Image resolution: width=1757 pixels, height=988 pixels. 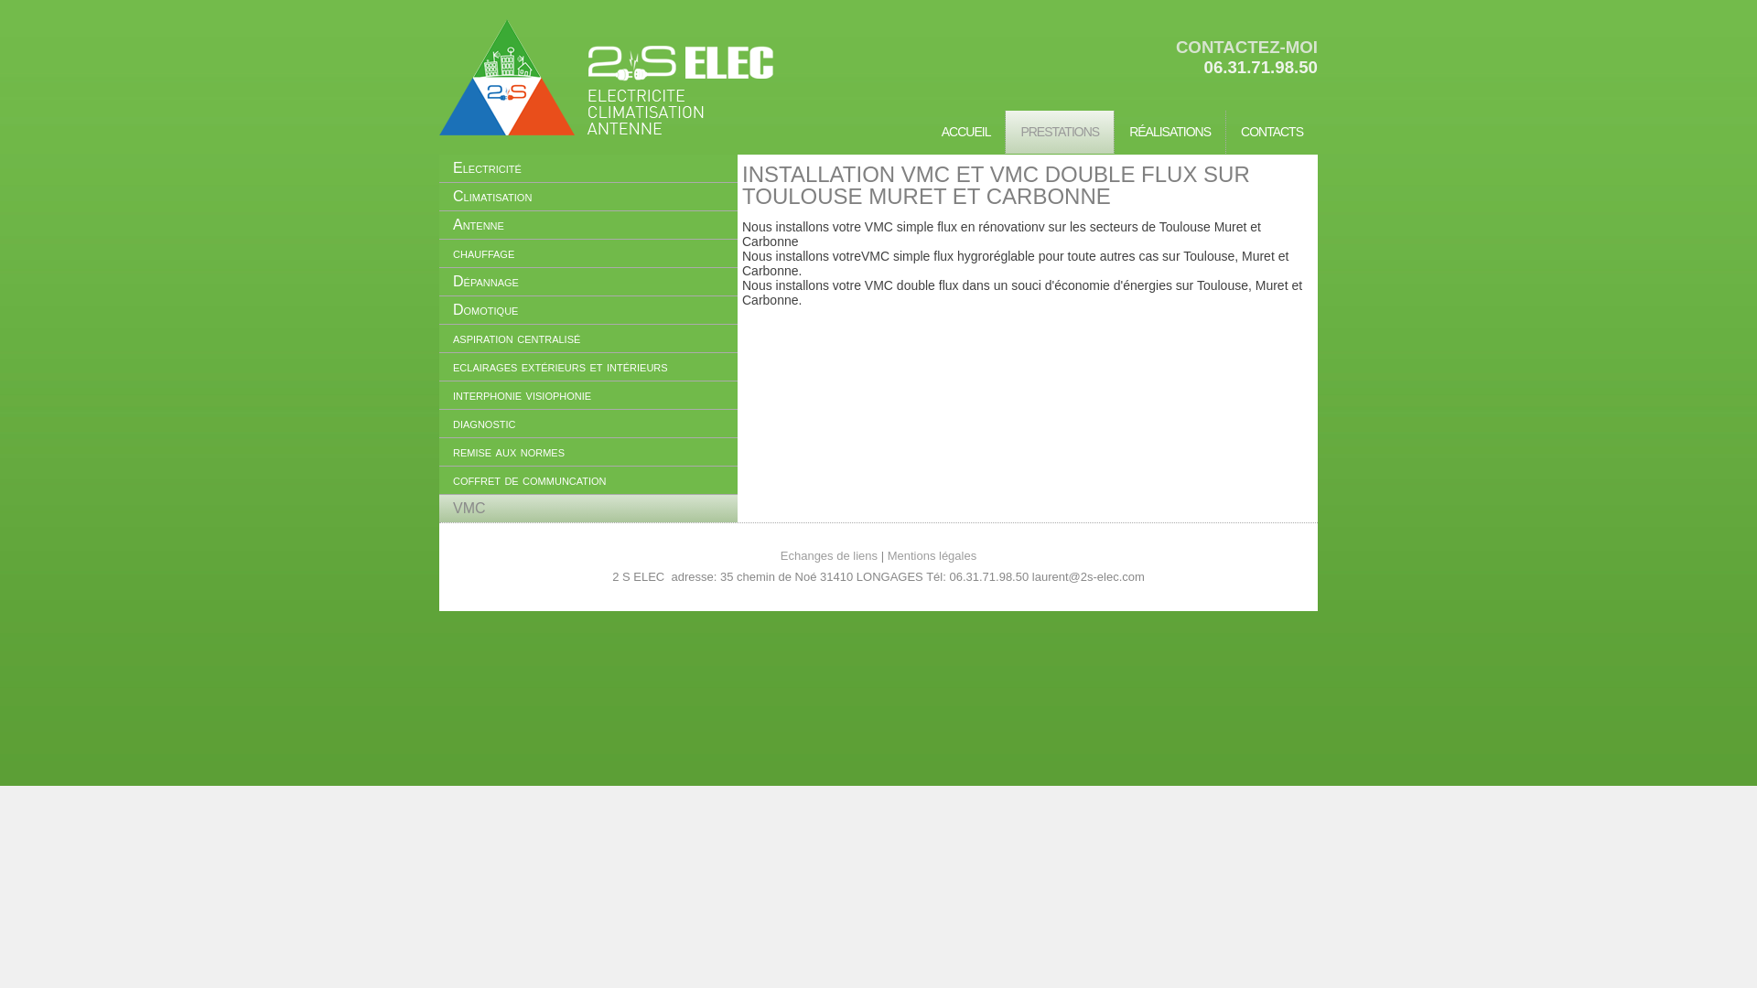 I want to click on 'ACCUEIL', so click(x=965, y=131).